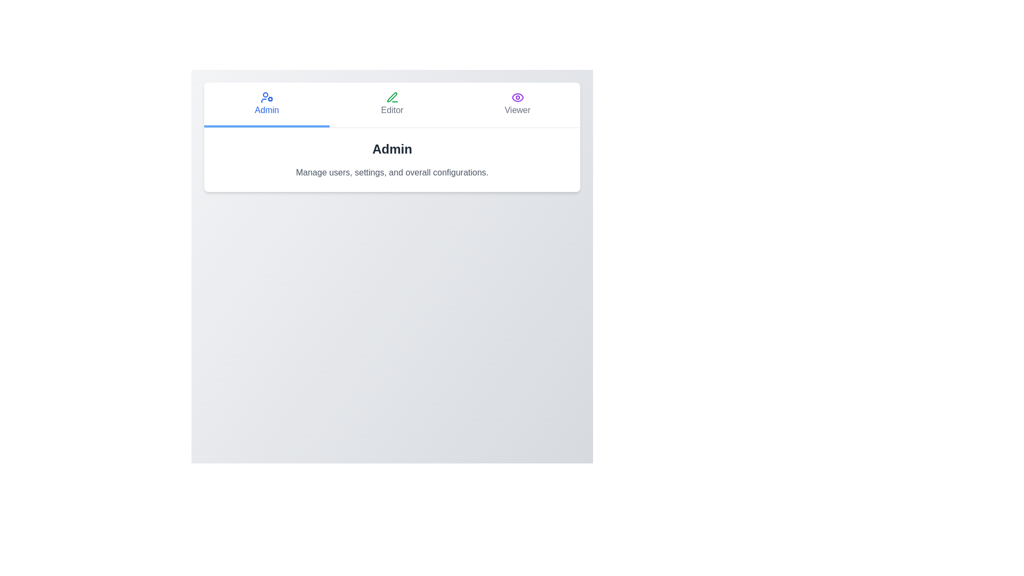  What do you see at coordinates (391, 105) in the screenshot?
I see `the role Editor by clicking its corresponding button` at bounding box center [391, 105].